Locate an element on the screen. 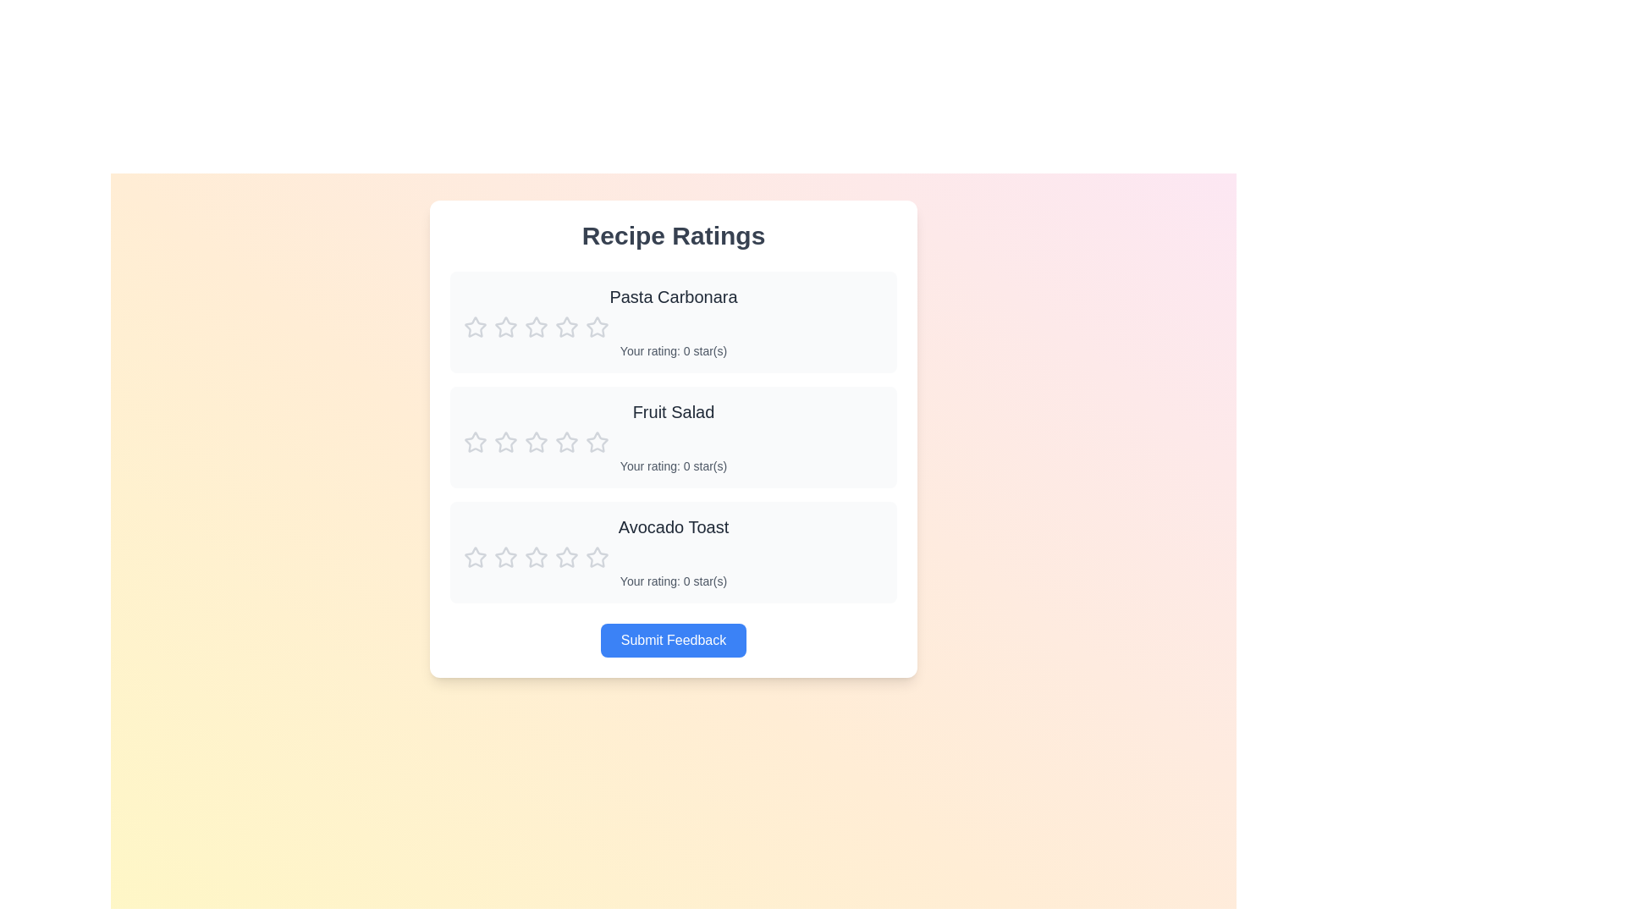  the first star-shaped icon outlined with a grayish stroke, located below the 'Avocado Toast' label in the third rating section, to provide a one-star rating is located at coordinates (535, 557).